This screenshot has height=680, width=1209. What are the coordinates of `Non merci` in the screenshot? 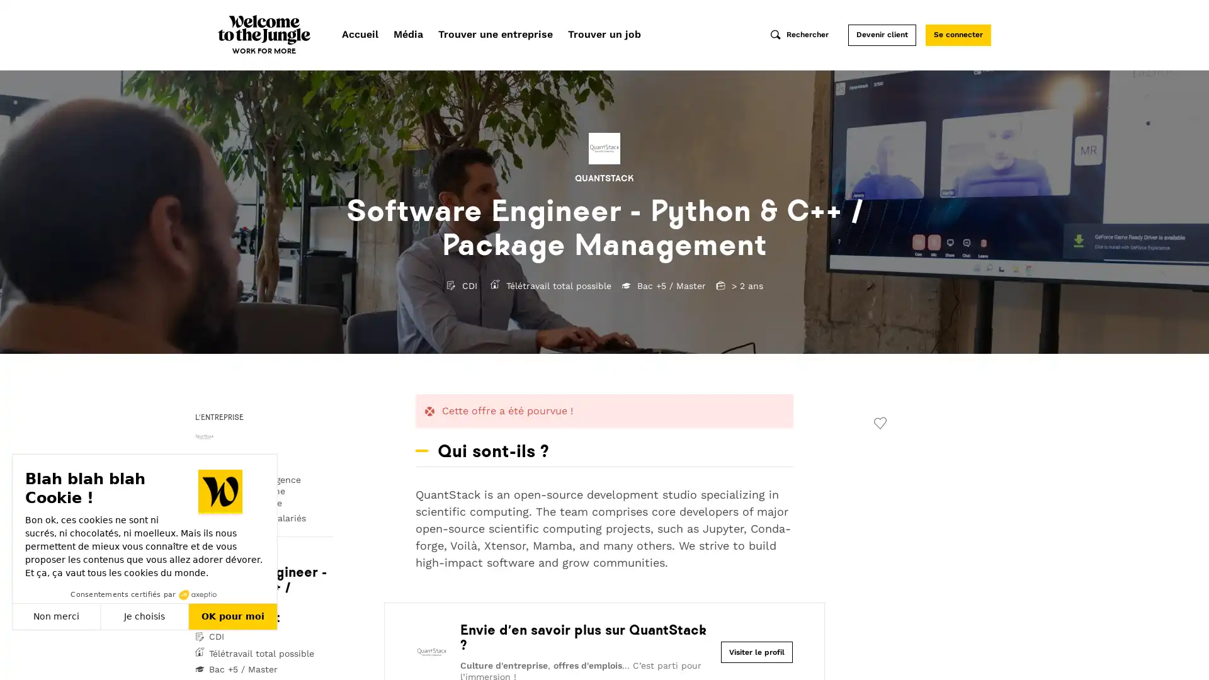 It's located at (56, 616).